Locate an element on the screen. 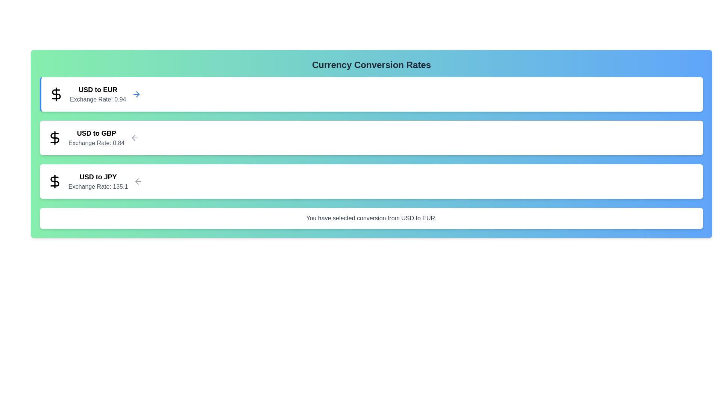 Image resolution: width=722 pixels, height=406 pixels. the text display showing 'Exchange Rate: 135.1' located below 'USD to JPY' in the currency conversion list is located at coordinates (98, 186).